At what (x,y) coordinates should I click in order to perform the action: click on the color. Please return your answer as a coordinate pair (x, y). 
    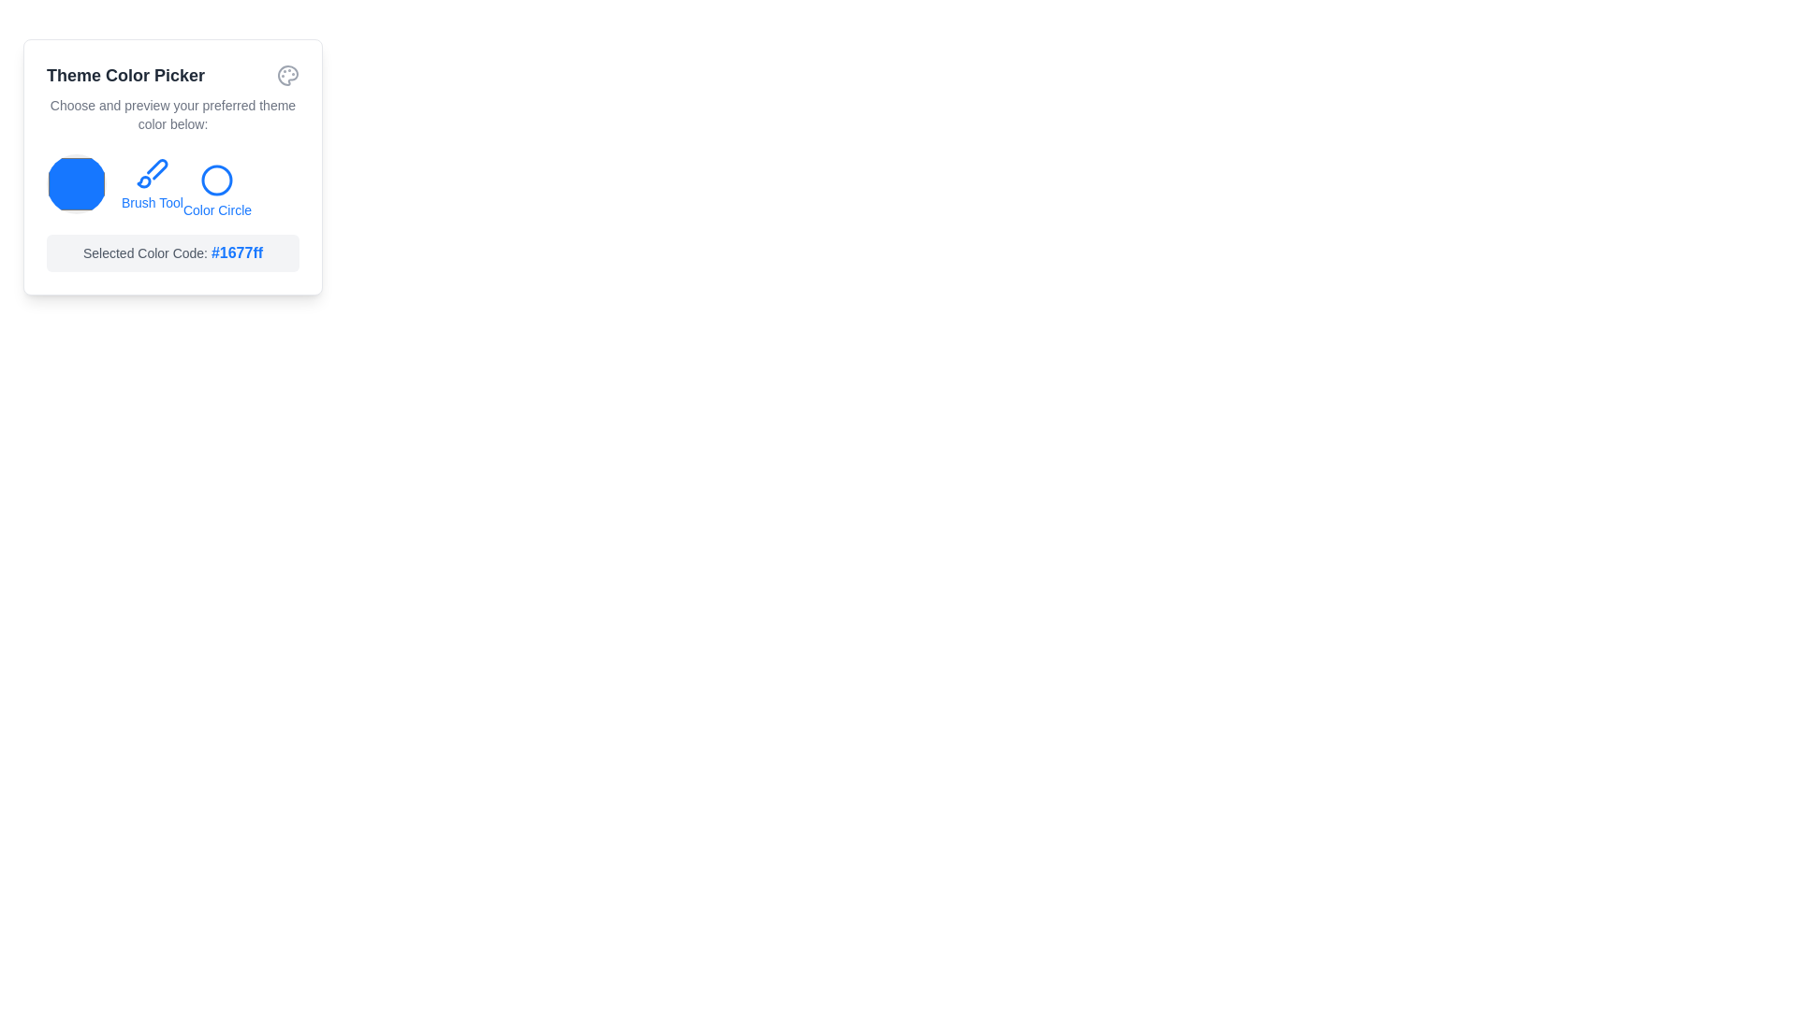
    Looking at the image, I should click on (75, 183).